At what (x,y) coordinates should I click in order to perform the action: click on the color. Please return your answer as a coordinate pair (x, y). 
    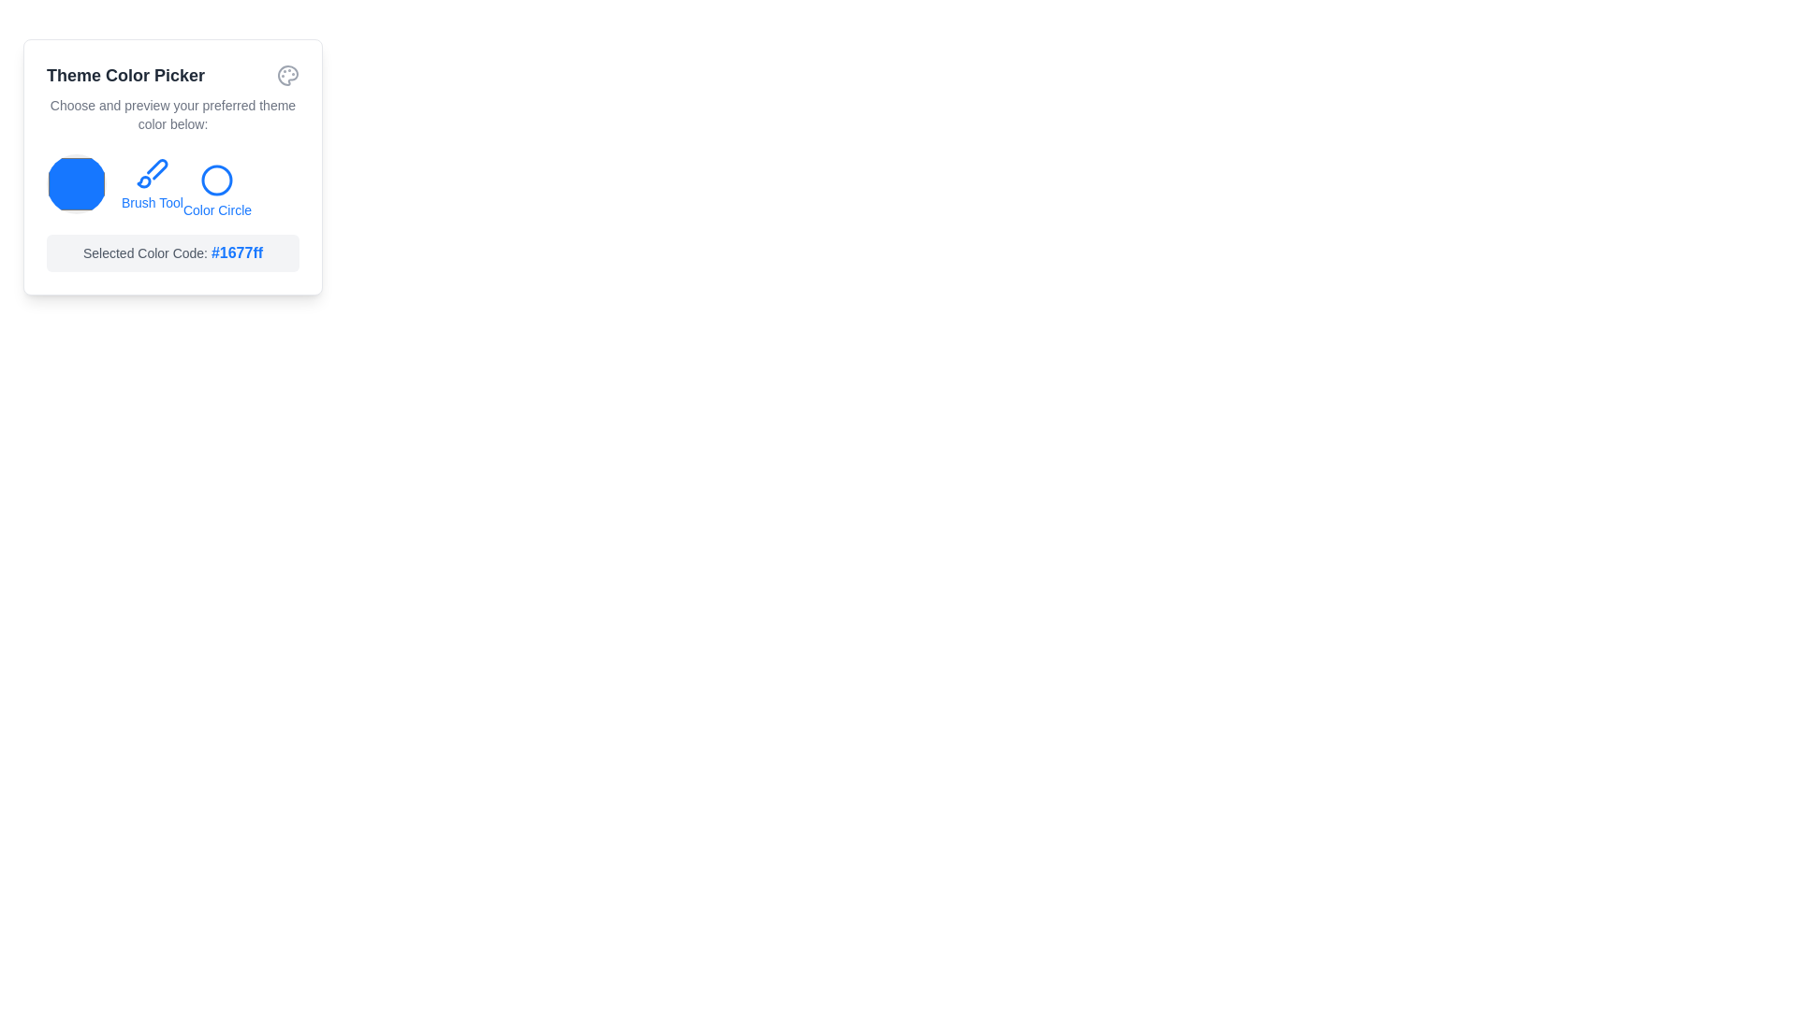
    Looking at the image, I should click on (75, 183).